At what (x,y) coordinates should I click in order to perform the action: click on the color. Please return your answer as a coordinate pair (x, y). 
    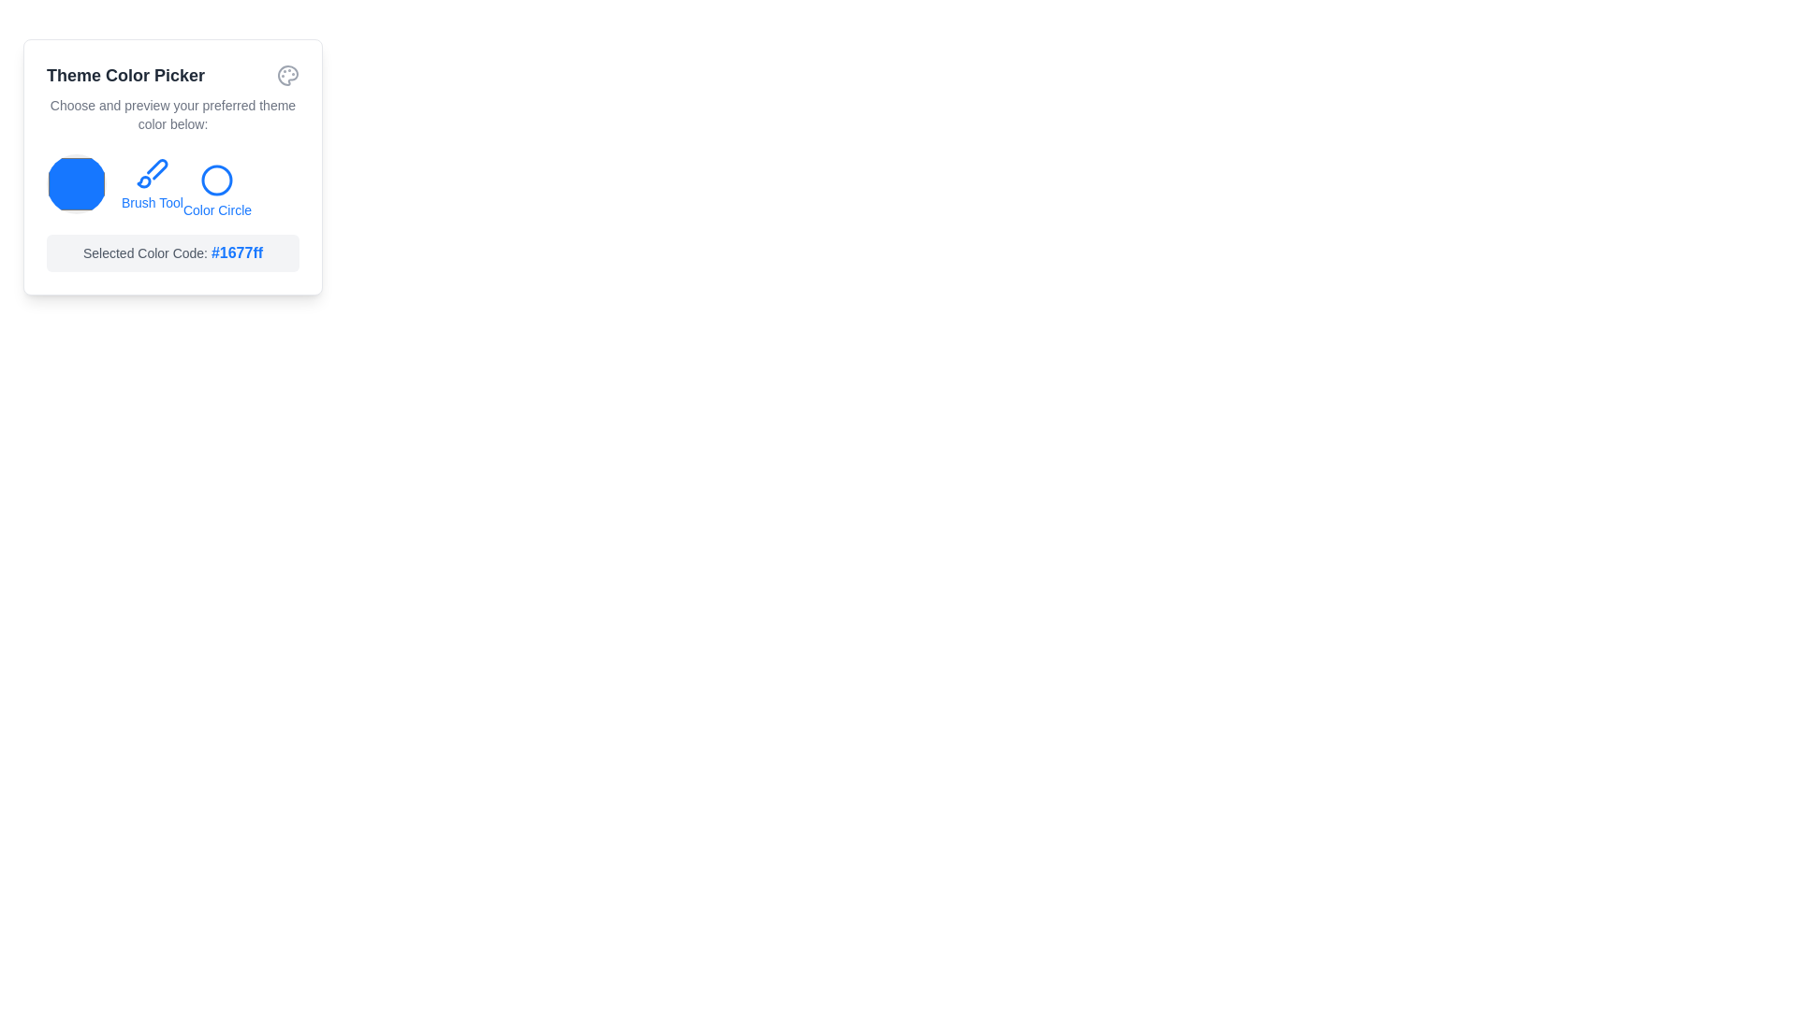
    Looking at the image, I should click on (75, 183).